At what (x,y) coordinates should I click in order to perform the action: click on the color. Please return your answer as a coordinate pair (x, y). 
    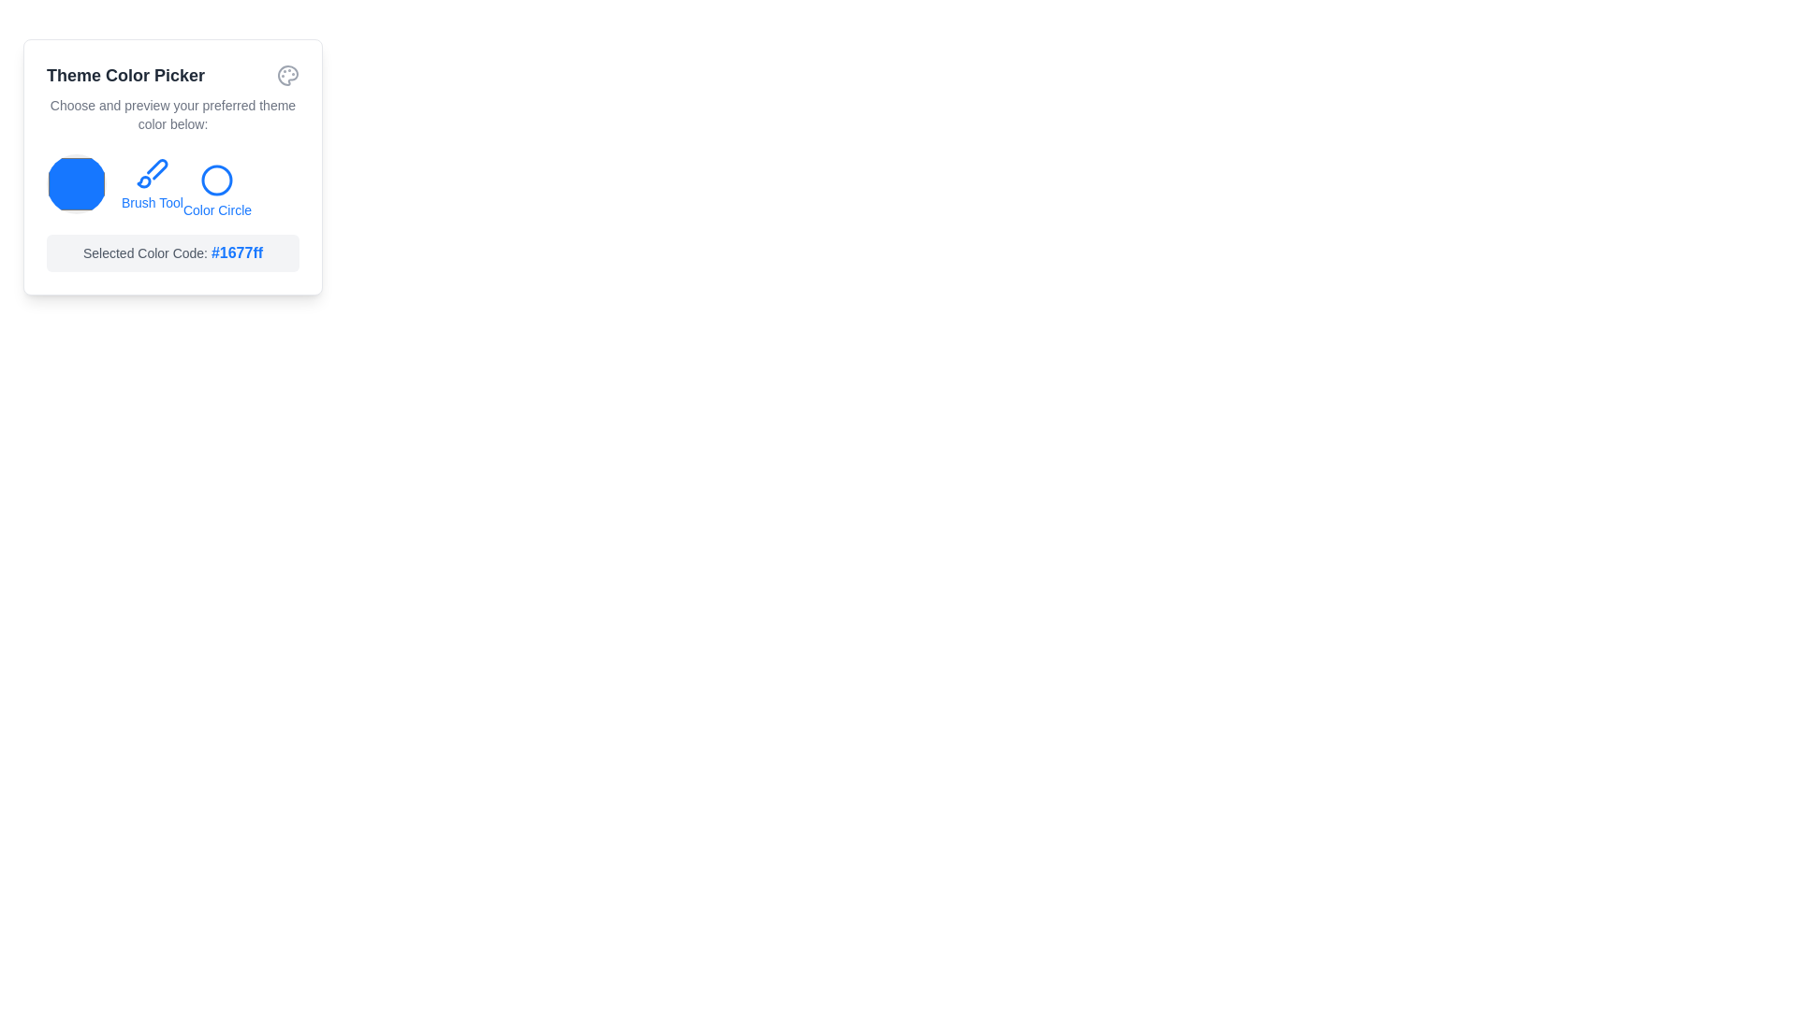
    Looking at the image, I should click on (75, 183).